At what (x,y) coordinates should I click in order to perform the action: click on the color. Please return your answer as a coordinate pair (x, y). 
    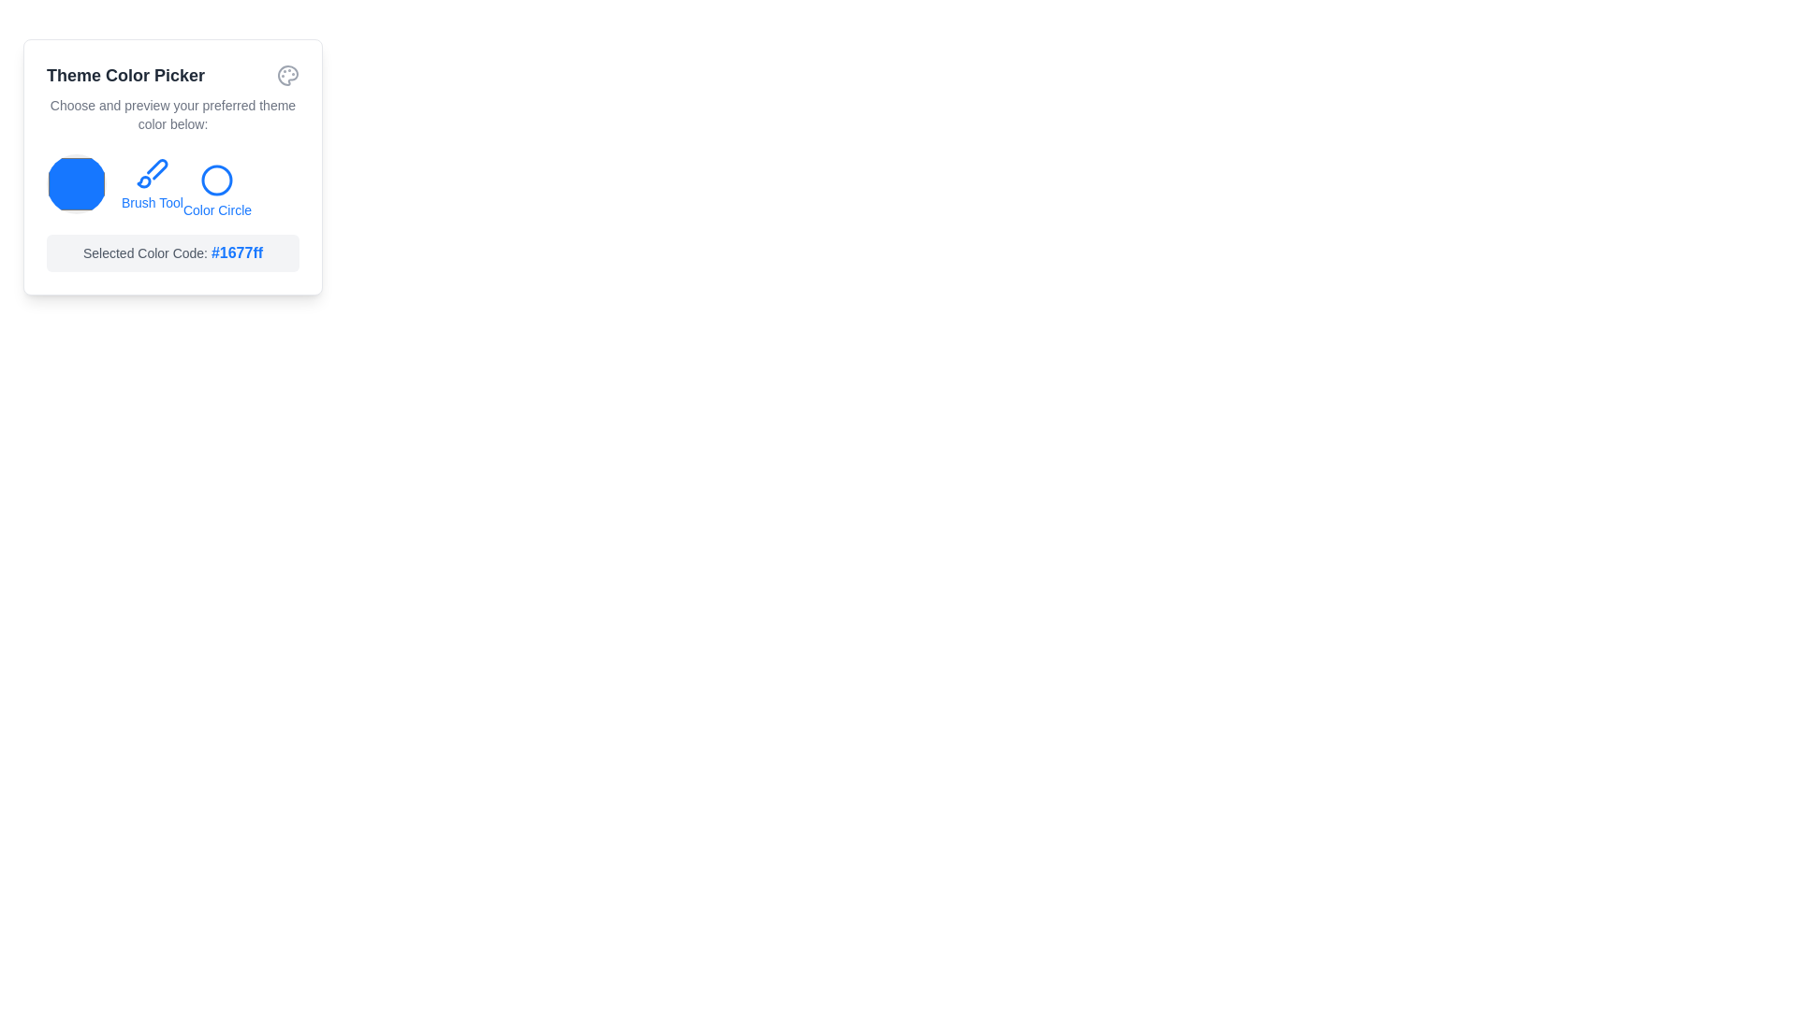
    Looking at the image, I should click on (75, 183).